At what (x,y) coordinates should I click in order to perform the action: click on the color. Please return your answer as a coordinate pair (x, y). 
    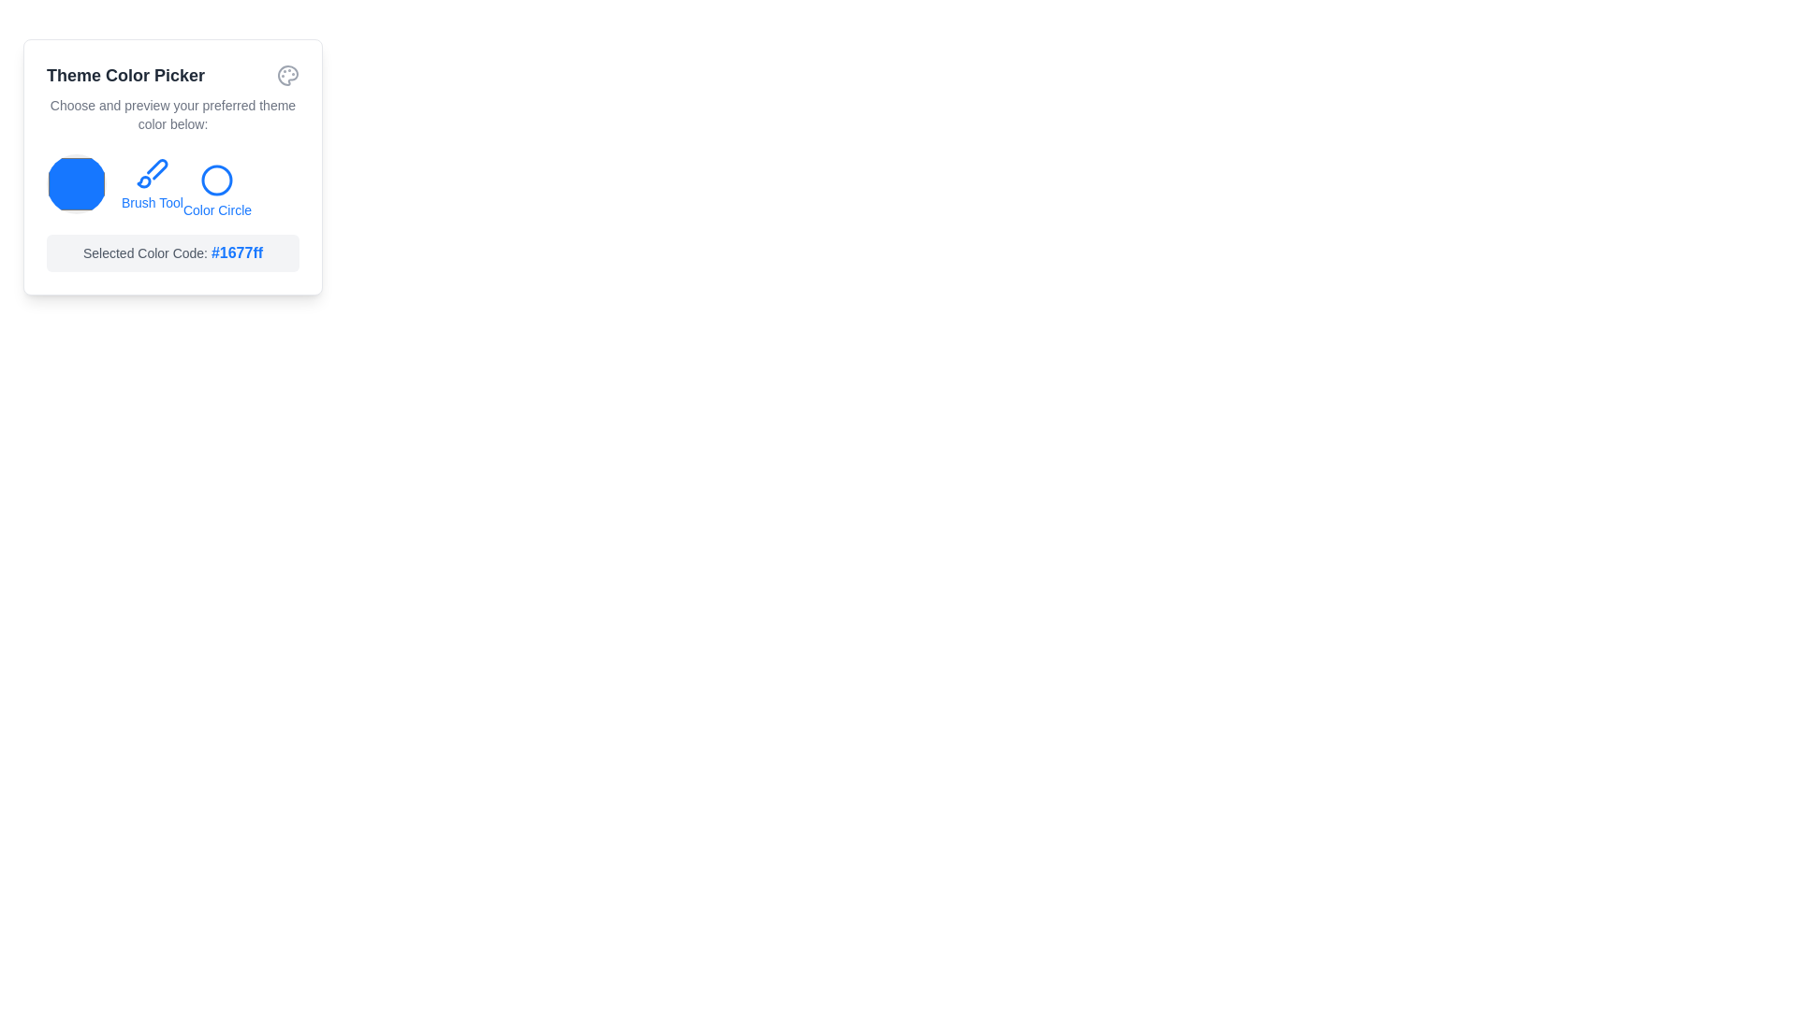
    Looking at the image, I should click on (75, 183).